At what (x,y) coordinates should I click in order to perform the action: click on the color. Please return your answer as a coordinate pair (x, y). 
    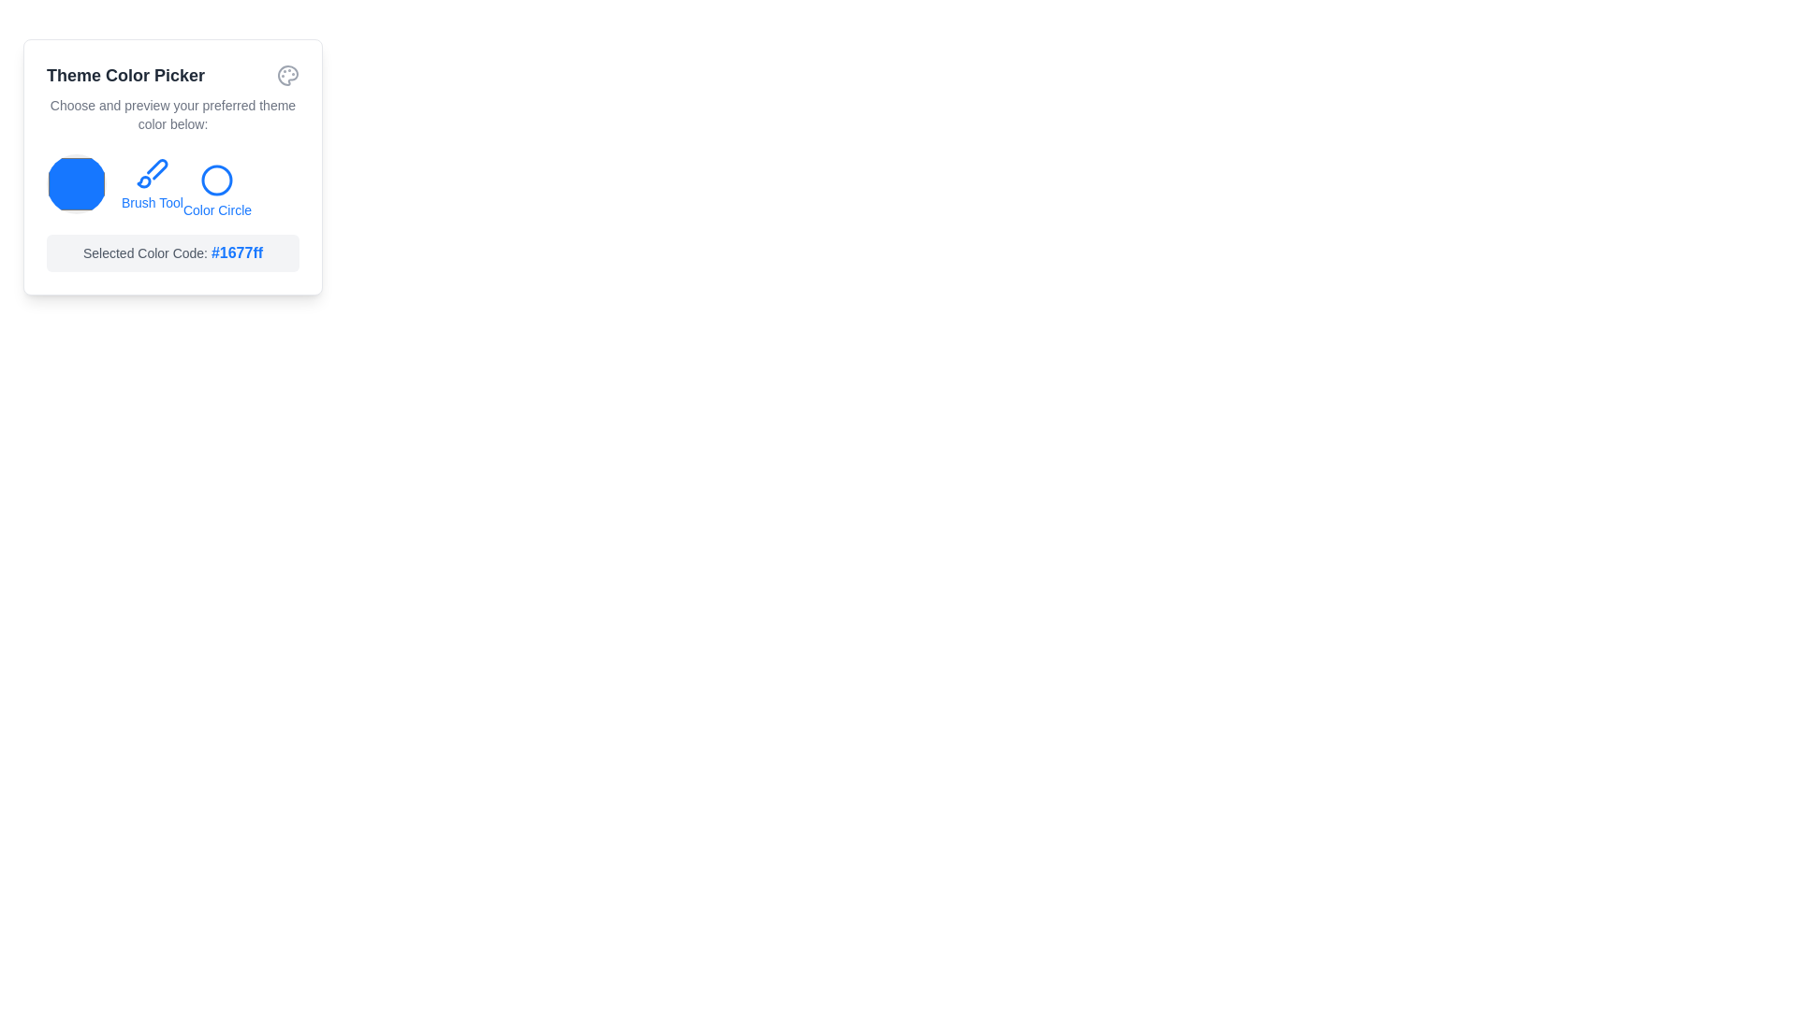
    Looking at the image, I should click on (75, 183).